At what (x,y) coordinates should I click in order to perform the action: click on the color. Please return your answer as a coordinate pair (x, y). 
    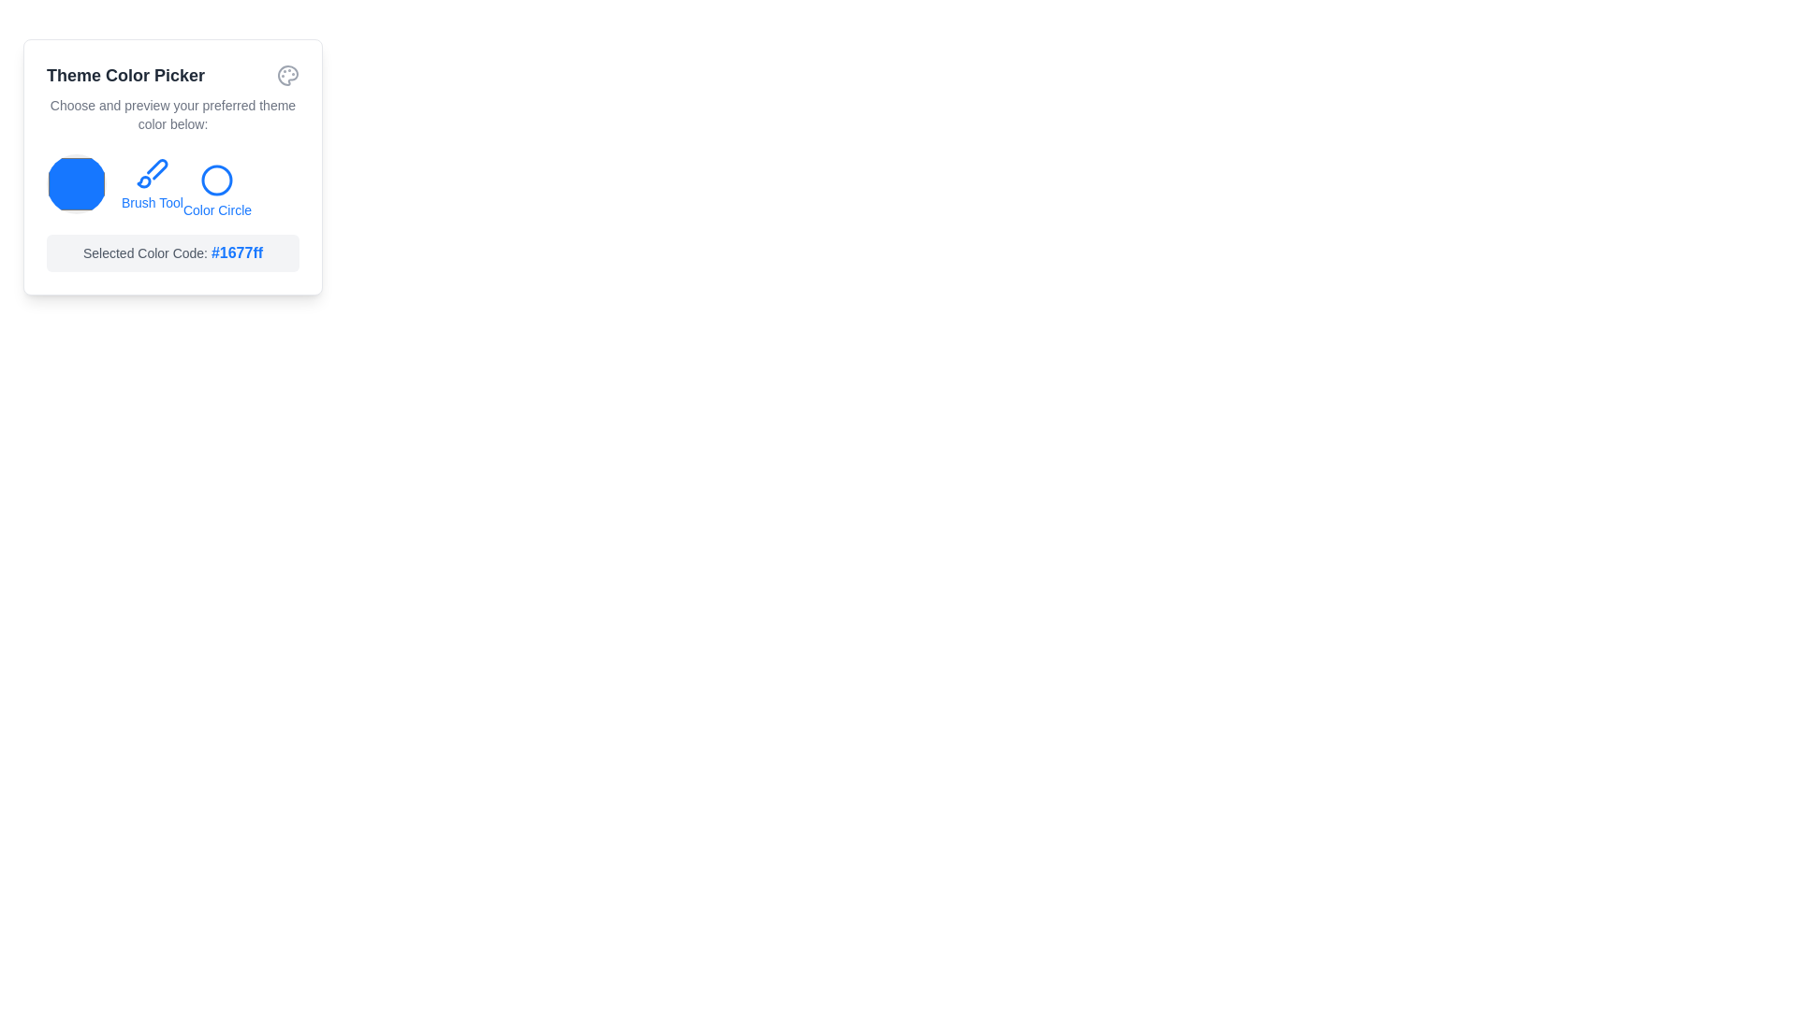
    Looking at the image, I should click on (75, 183).